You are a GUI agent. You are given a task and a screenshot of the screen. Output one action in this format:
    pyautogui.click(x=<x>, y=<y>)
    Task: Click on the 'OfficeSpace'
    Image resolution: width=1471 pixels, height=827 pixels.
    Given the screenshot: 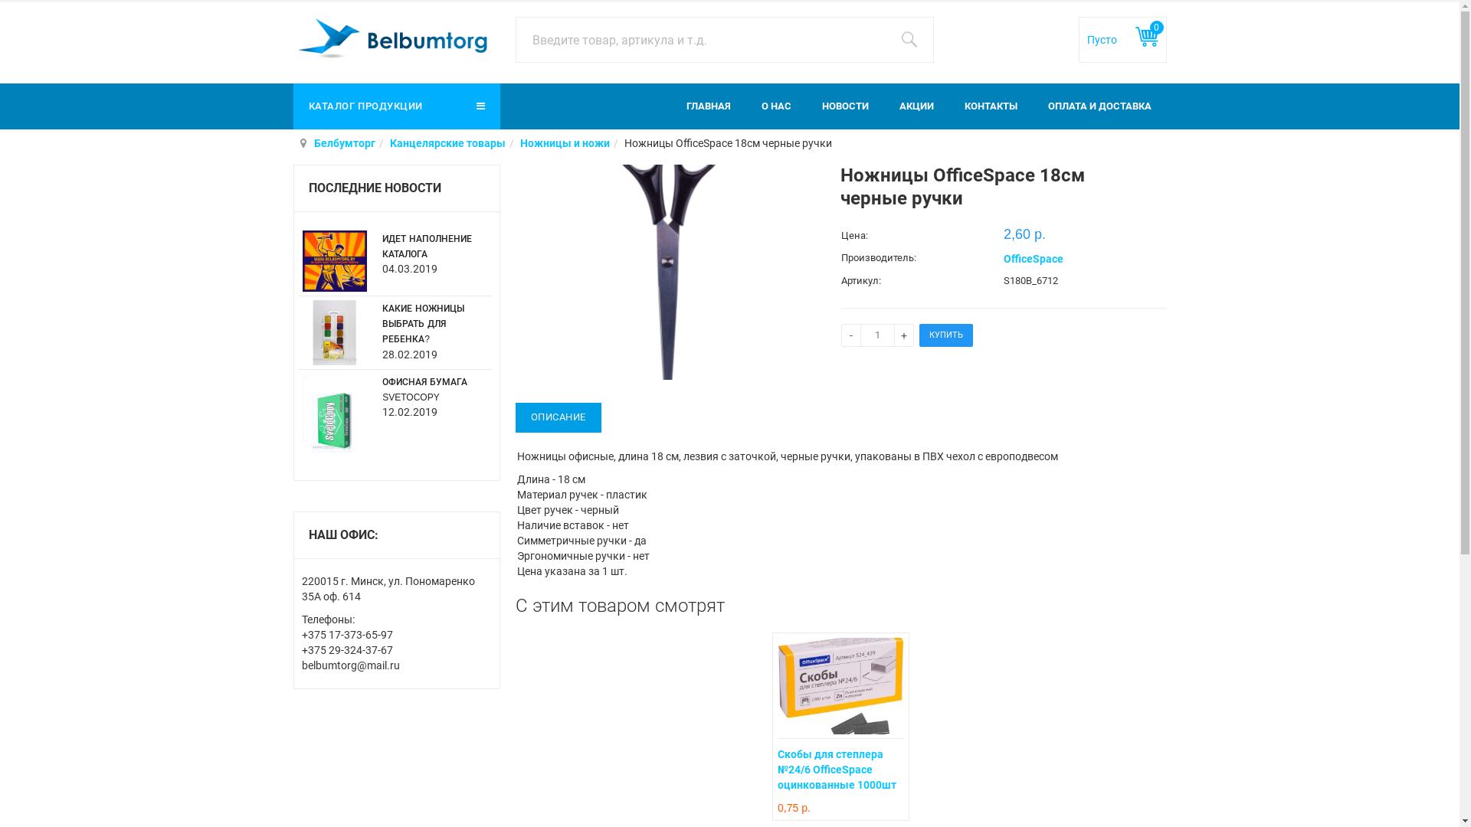 What is the action you would take?
    pyautogui.click(x=1033, y=258)
    